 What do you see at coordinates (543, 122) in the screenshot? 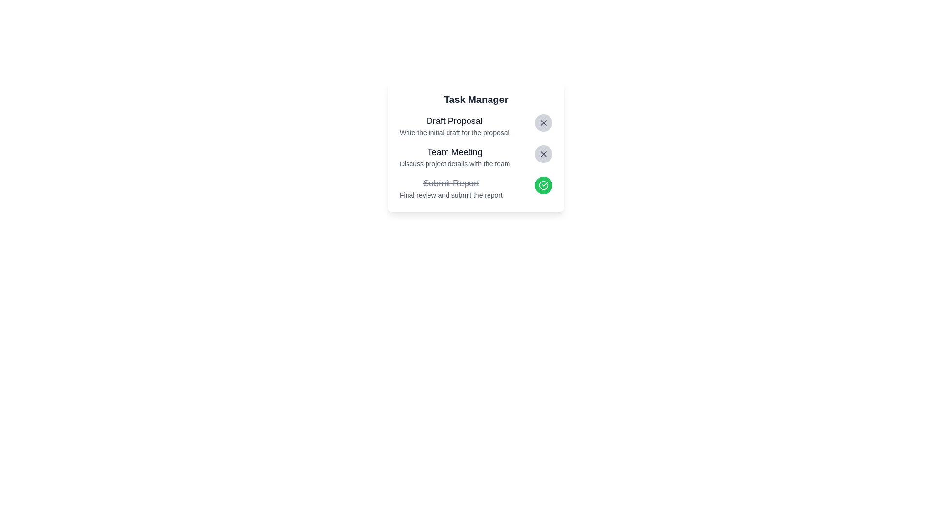
I see `the dismiss button located to the right of the 'Draft Proposal' text in the task manager interface` at bounding box center [543, 122].